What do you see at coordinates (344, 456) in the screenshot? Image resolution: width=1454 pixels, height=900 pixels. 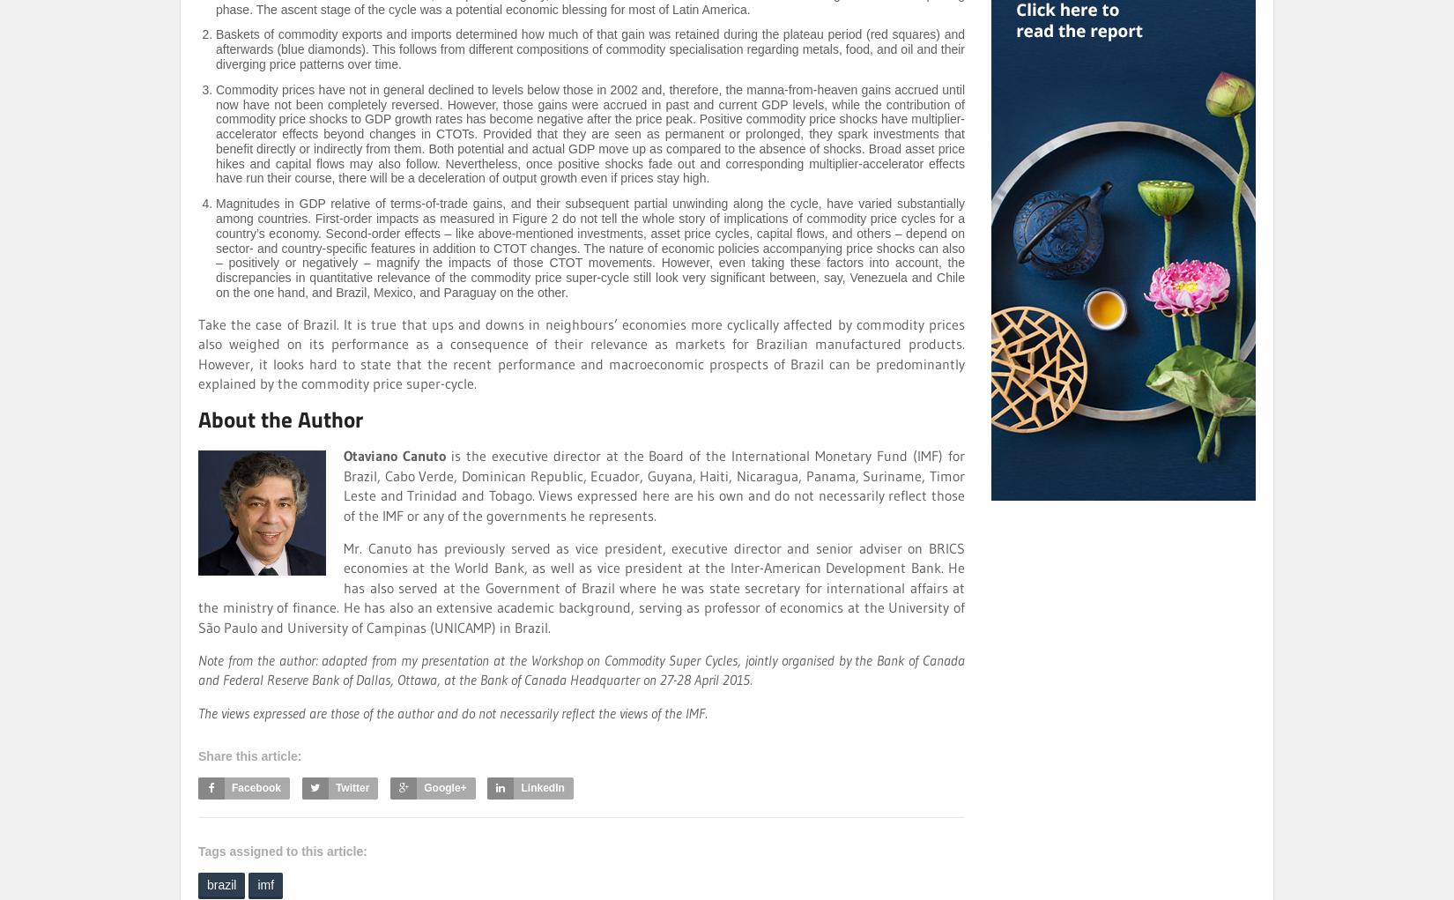 I see `'Otaviano Canuto'` at bounding box center [344, 456].